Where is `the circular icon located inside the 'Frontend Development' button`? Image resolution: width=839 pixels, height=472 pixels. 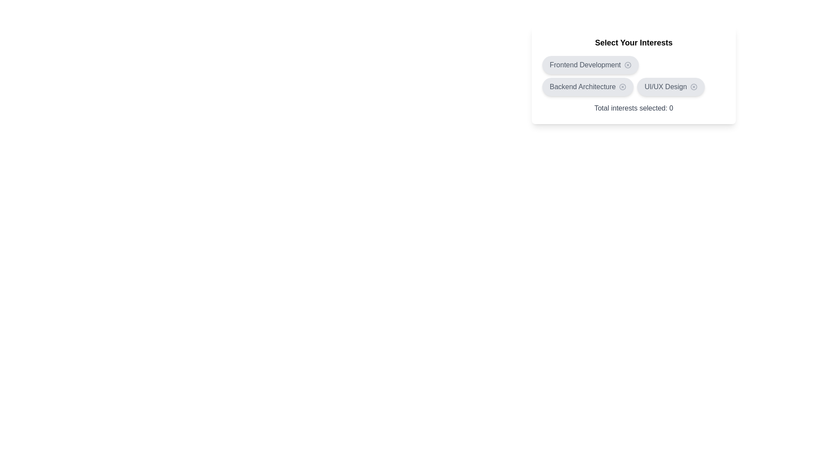 the circular icon located inside the 'Frontend Development' button is located at coordinates (627, 65).